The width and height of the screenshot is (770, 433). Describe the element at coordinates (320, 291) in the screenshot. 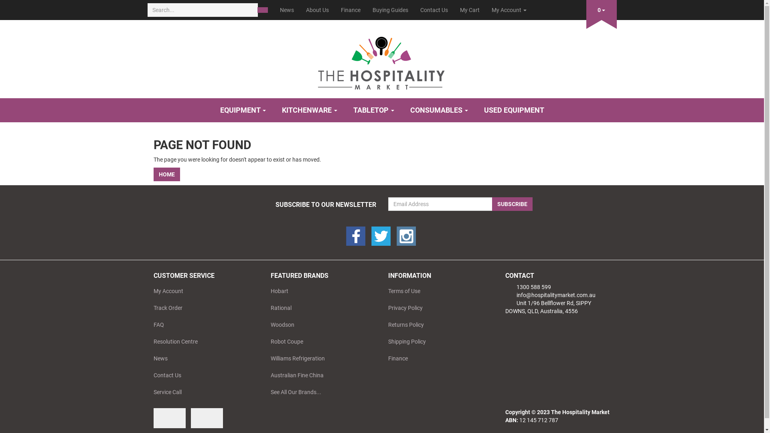

I see `'Hobart'` at that location.